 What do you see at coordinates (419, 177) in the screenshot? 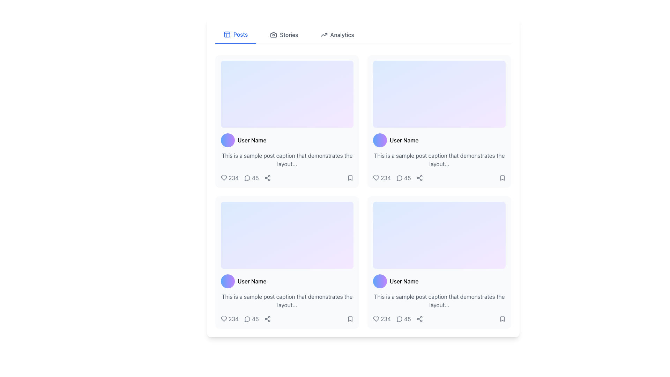
I see `the icon button located in the bottom-right corner of the post card to share the associated post` at bounding box center [419, 177].